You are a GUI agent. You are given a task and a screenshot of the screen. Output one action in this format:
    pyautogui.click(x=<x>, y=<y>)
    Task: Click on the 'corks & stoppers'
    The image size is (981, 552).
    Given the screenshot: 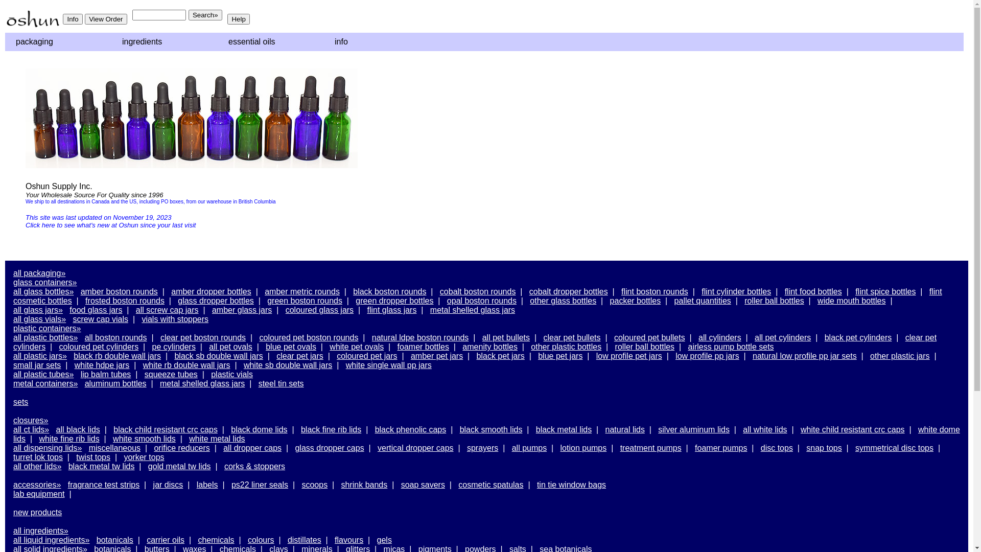 What is the action you would take?
    pyautogui.click(x=223, y=466)
    